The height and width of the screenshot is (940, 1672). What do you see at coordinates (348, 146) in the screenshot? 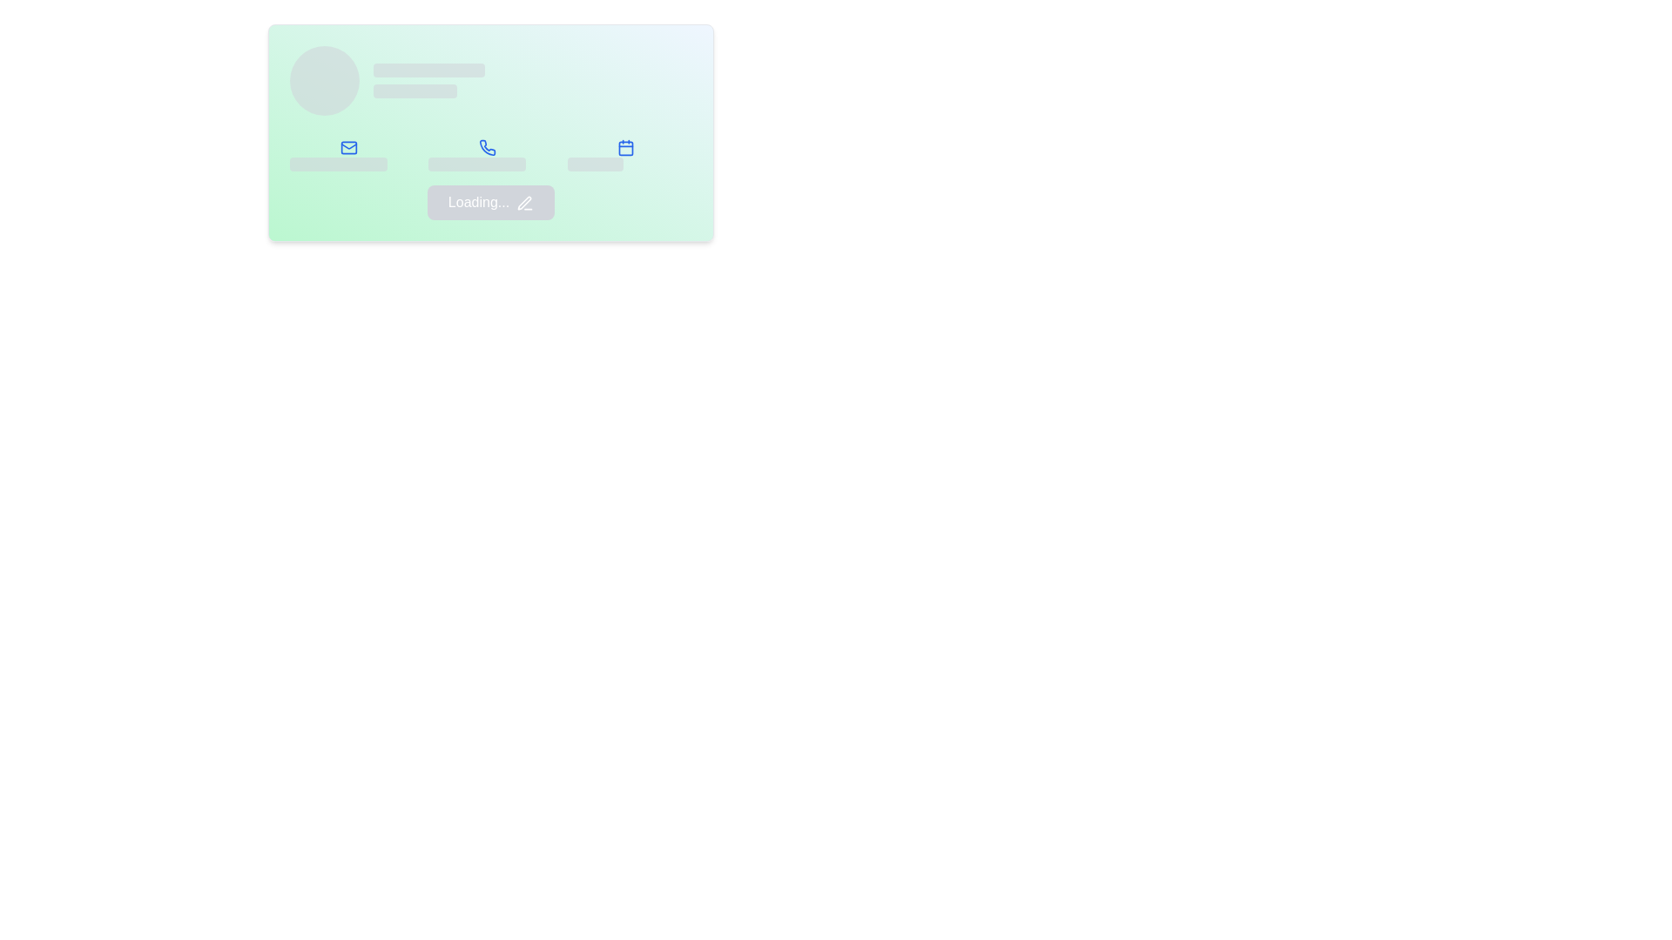
I see `decorative SVG rectangle that represents the top-left corner of the email icon for debugging purposes` at bounding box center [348, 146].